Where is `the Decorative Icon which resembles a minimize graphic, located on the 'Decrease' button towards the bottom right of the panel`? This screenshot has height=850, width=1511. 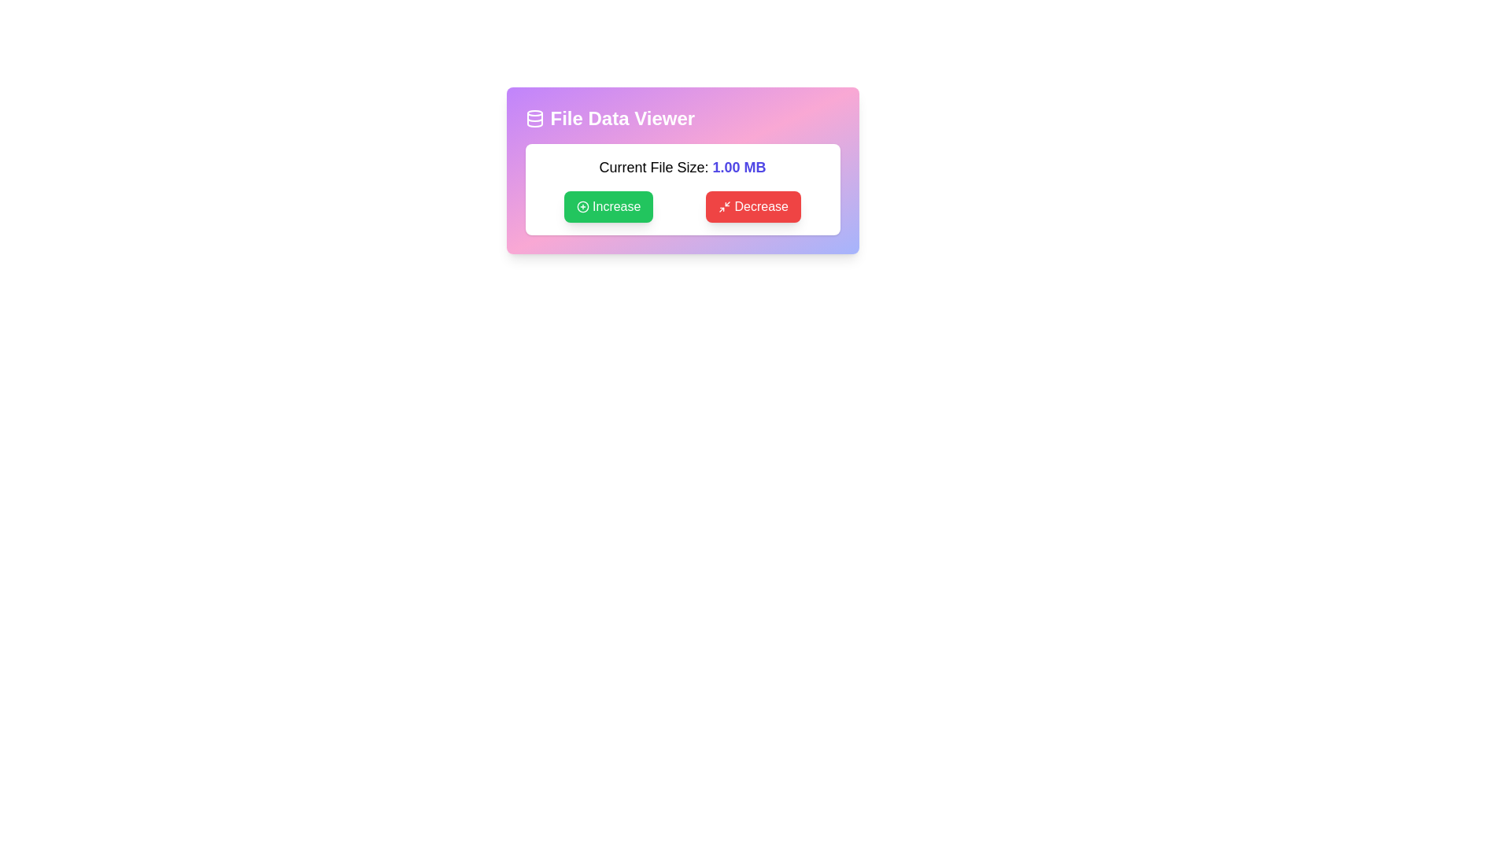
the Decorative Icon which resembles a minimize graphic, located on the 'Decrease' button towards the bottom right of the panel is located at coordinates (724, 205).